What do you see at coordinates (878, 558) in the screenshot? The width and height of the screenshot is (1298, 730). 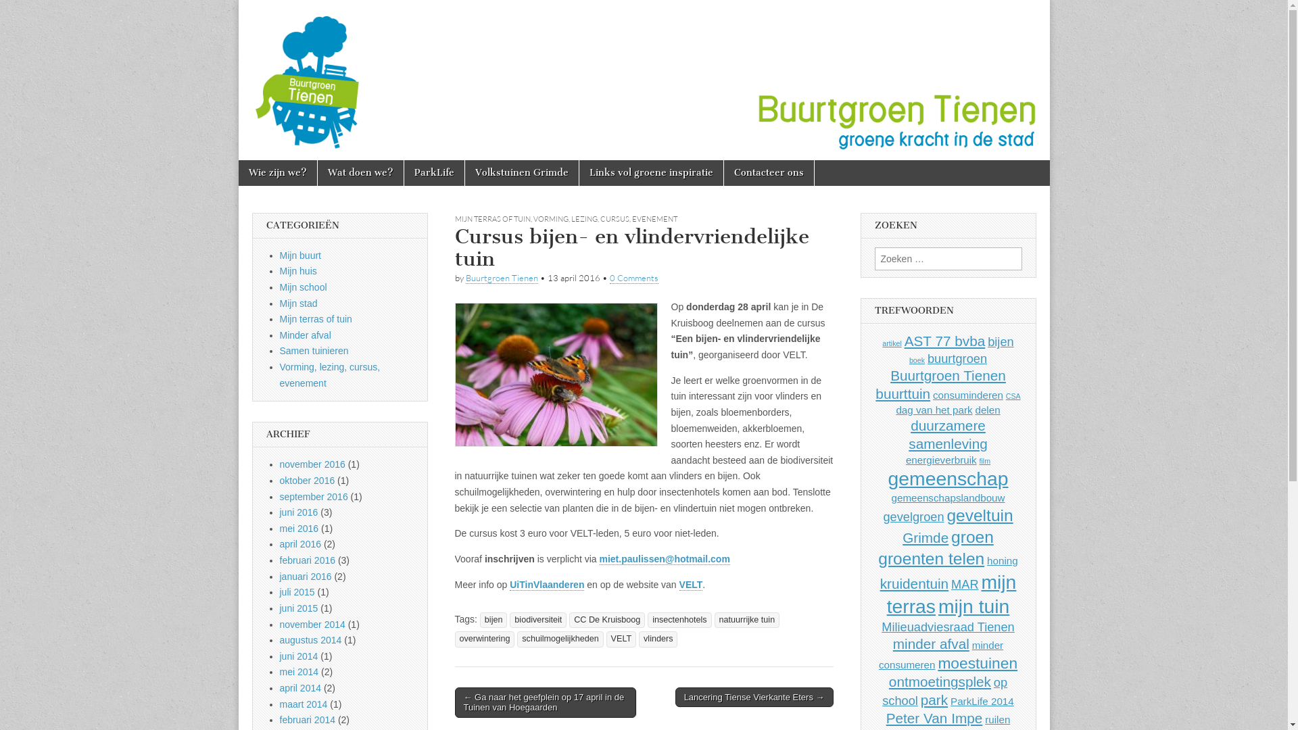 I see `'groenten telen'` at bounding box center [878, 558].